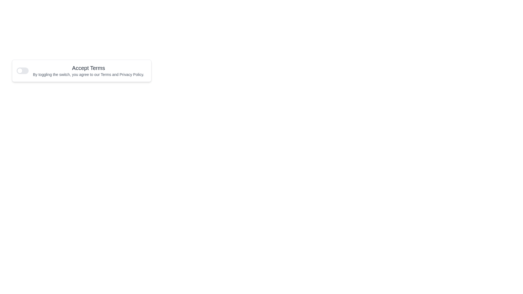 The width and height of the screenshot is (523, 294). I want to click on the label with explanatory text that informs the user about agreeing to terms and privacy policy, positioned to the right of the toggle switch, so click(89, 70).